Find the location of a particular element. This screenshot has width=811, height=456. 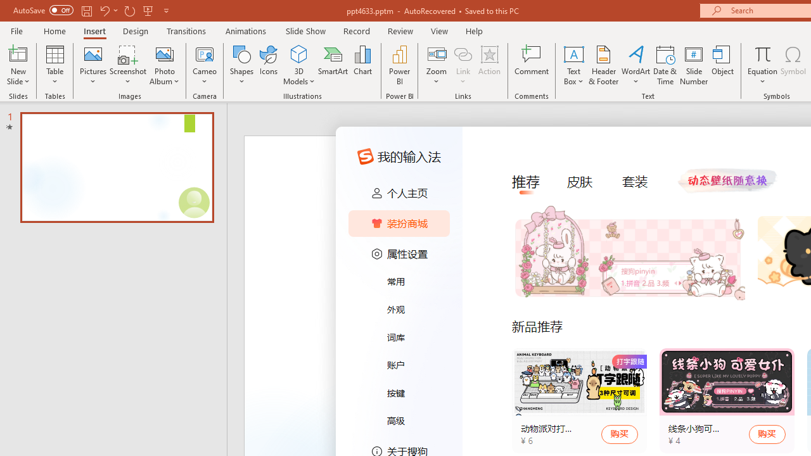

'3D Models' is located at coordinates (298, 65).